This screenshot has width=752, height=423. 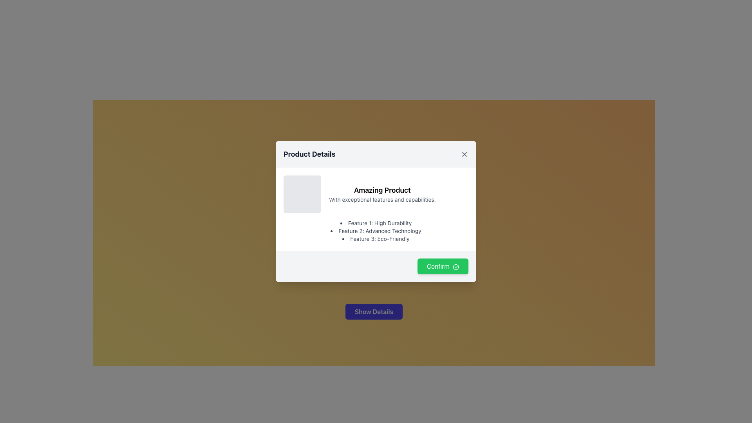 I want to click on the text element reading 'Feature 1: High Durability', which is the first item in a bulleted list below the title 'Amazing Product' on the modal overlay, so click(x=376, y=223).